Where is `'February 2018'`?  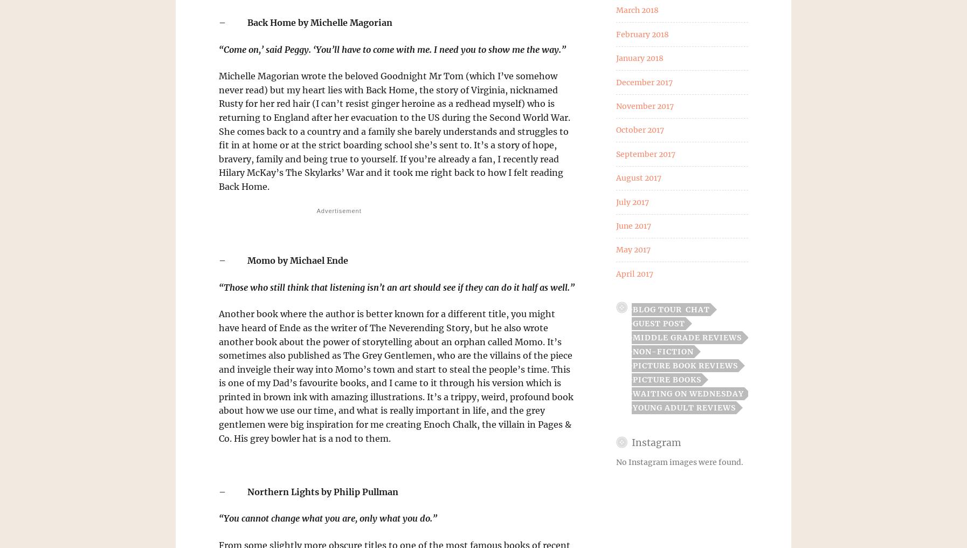 'February 2018' is located at coordinates (641, 33).